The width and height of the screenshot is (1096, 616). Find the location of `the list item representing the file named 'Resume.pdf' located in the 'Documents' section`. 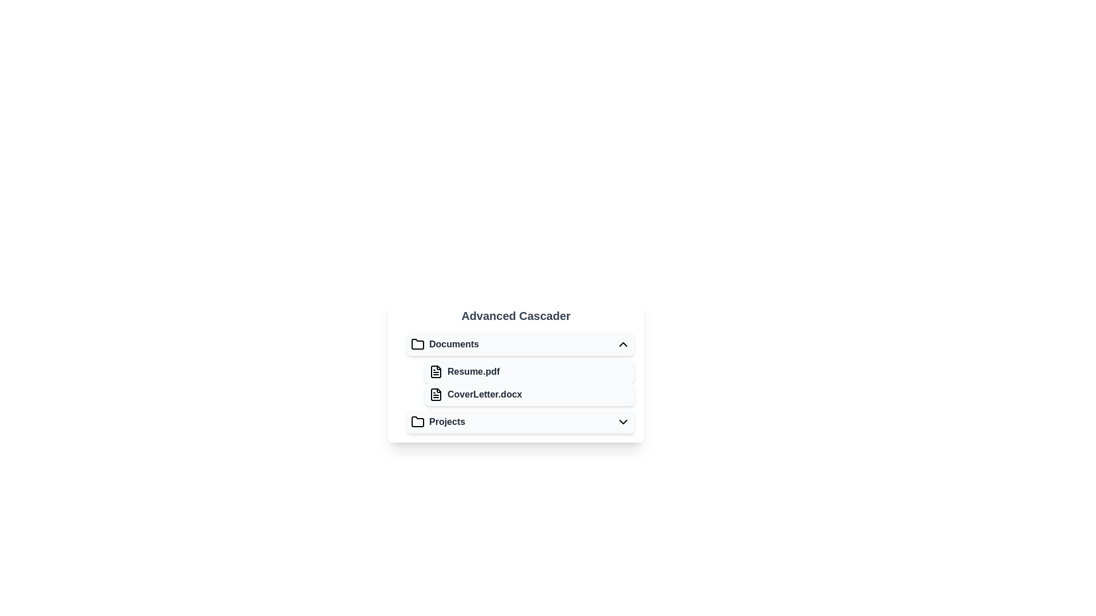

the list item representing the file named 'Resume.pdf' located in the 'Documents' section is located at coordinates (515, 370).